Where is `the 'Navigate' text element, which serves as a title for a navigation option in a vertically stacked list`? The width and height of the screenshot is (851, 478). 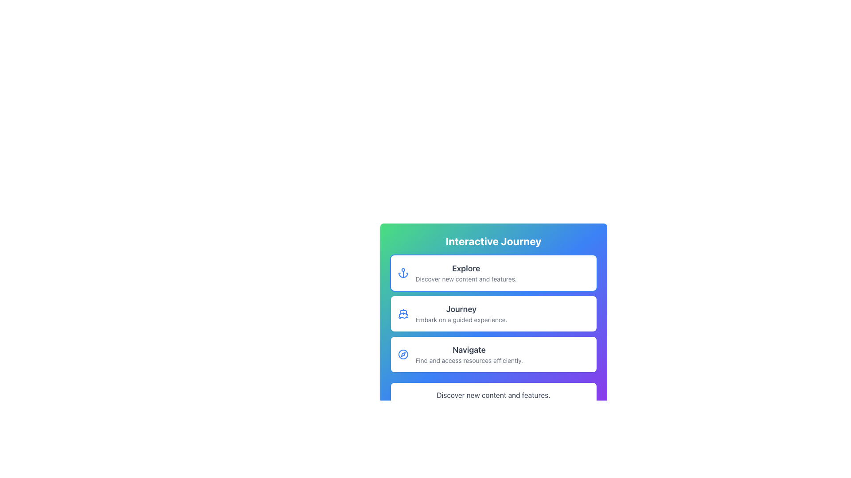 the 'Navigate' text element, which serves as a title for a navigation option in a vertically stacked list is located at coordinates (468, 349).